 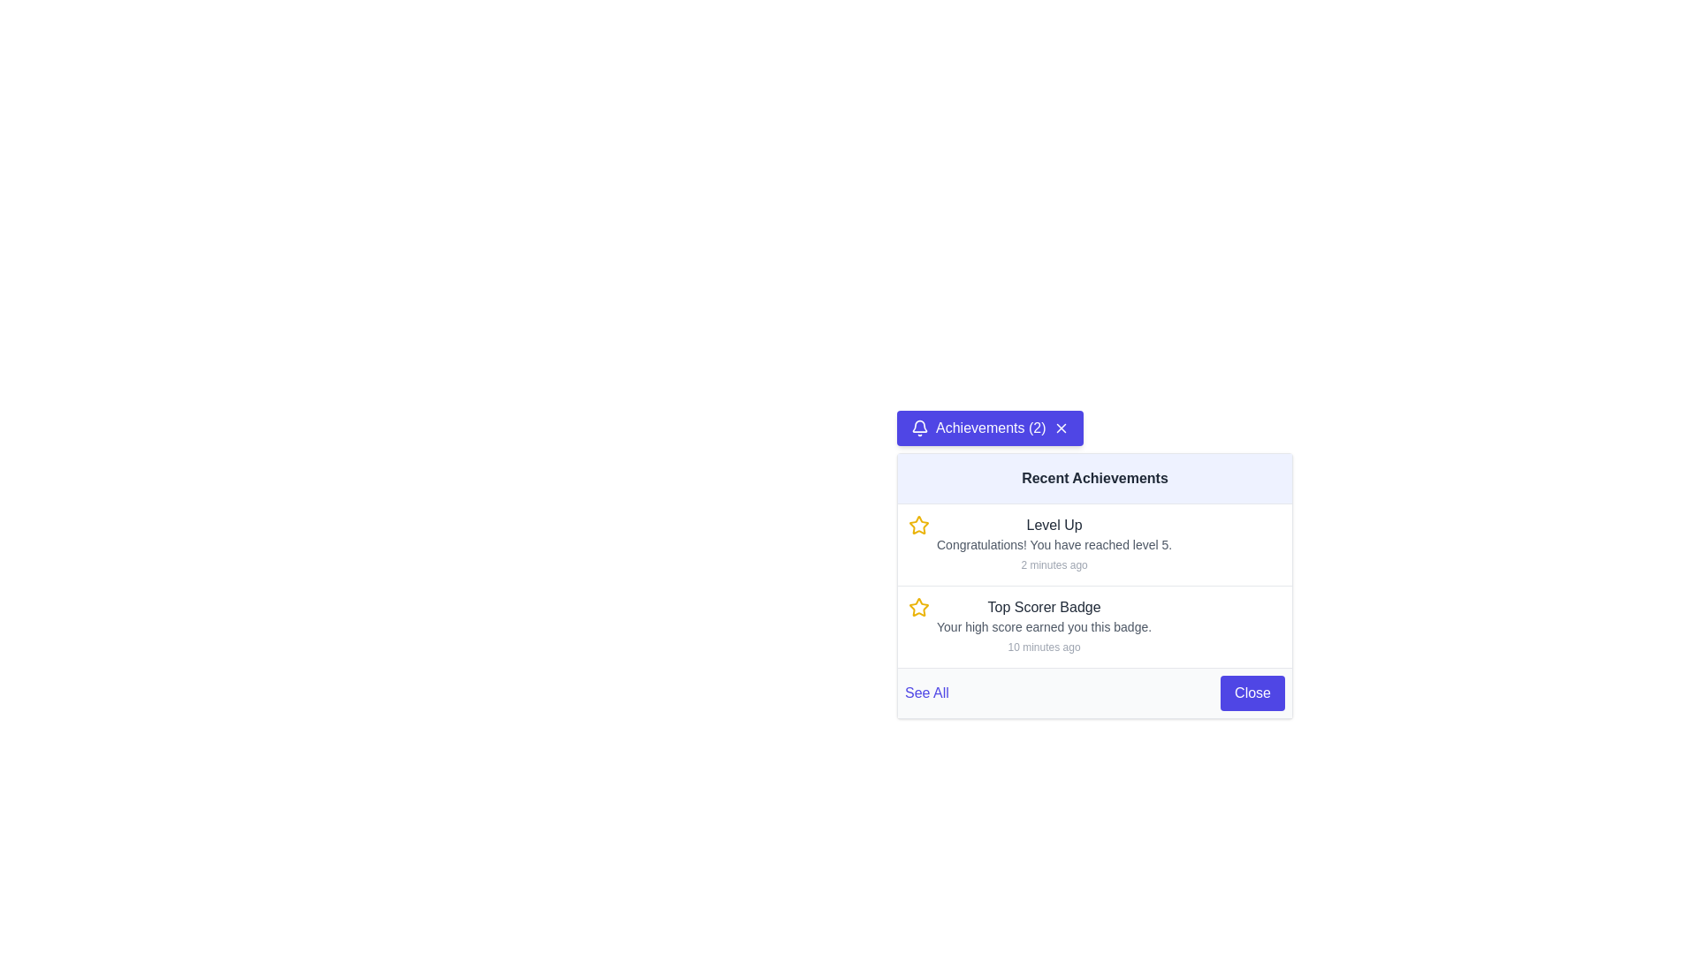 I want to click on the close icon located at the top-right corner of the 'Achievements' modal window, so click(x=1061, y=428).